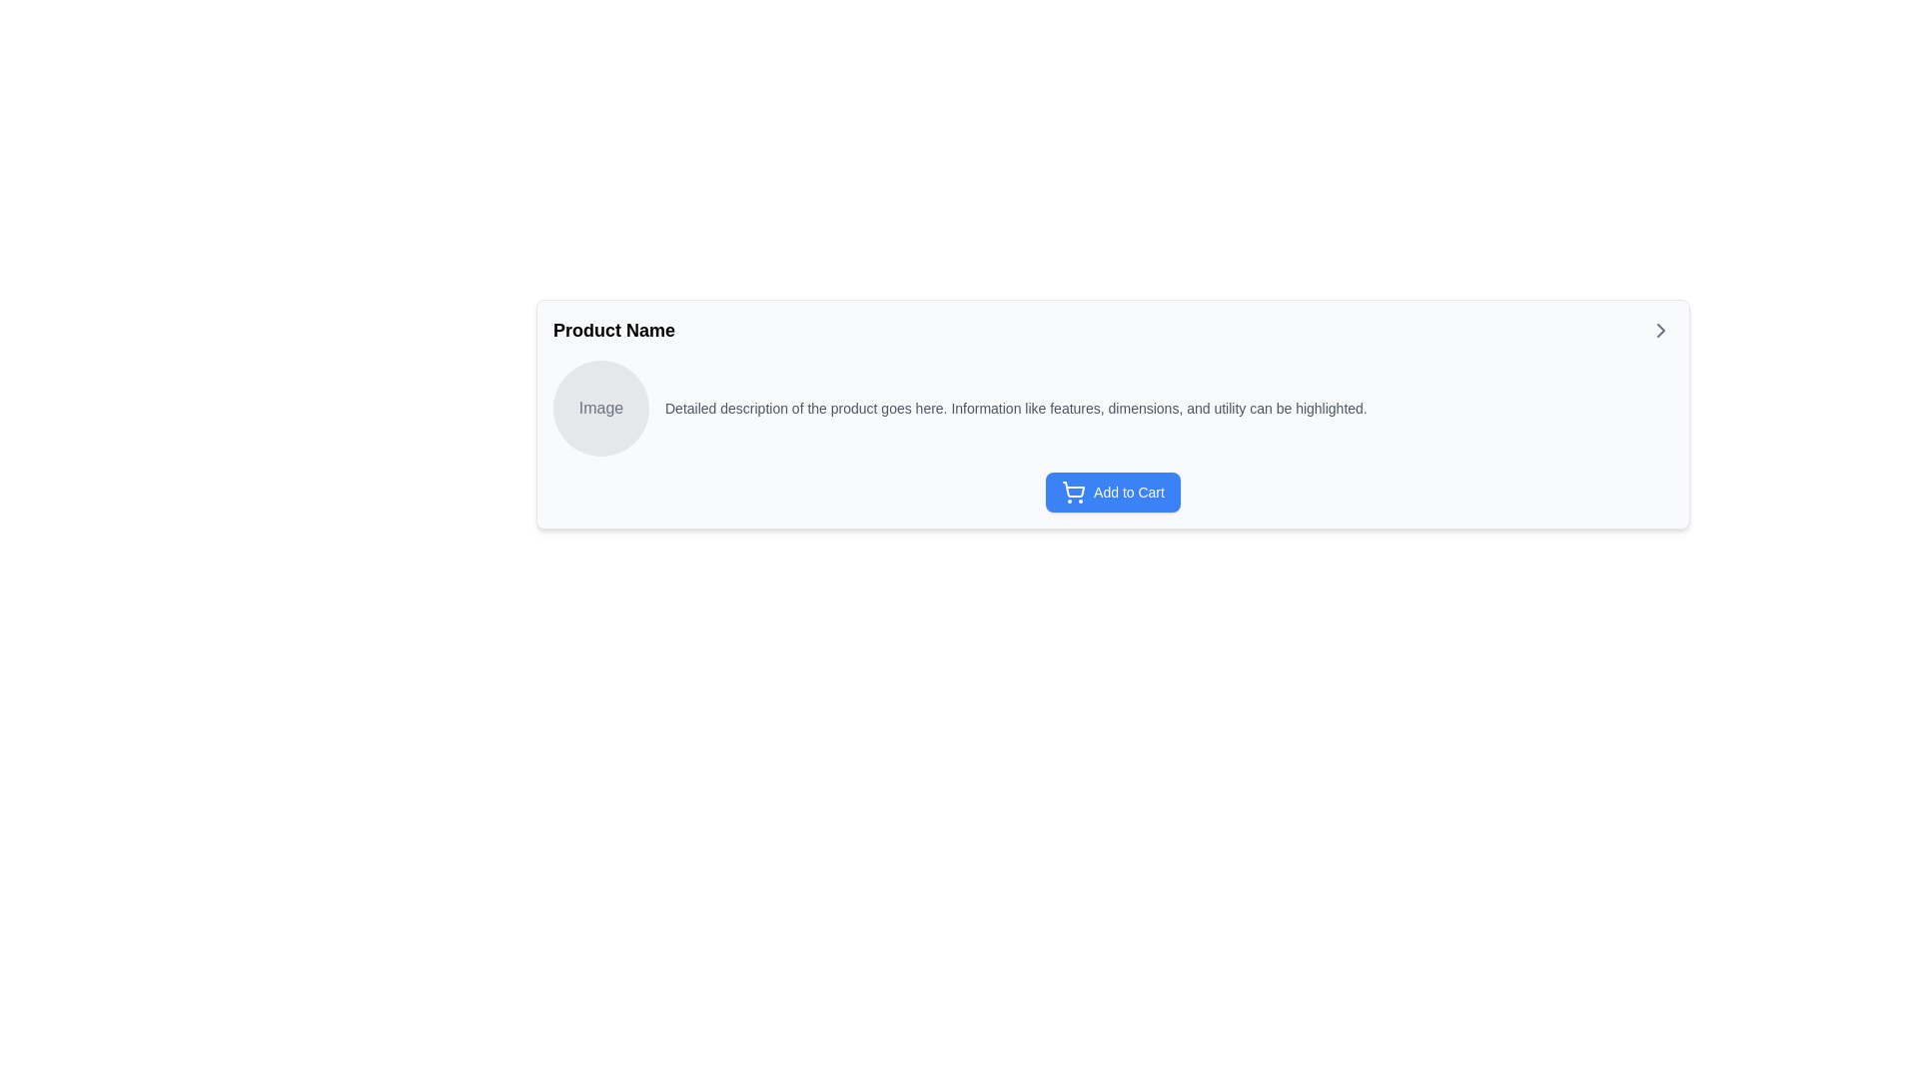 This screenshot has width=1918, height=1079. What do you see at coordinates (1073, 493) in the screenshot?
I see `the blue 'Add to Cart' button that contains the icon representing the action of adding a product to the user's cart` at bounding box center [1073, 493].